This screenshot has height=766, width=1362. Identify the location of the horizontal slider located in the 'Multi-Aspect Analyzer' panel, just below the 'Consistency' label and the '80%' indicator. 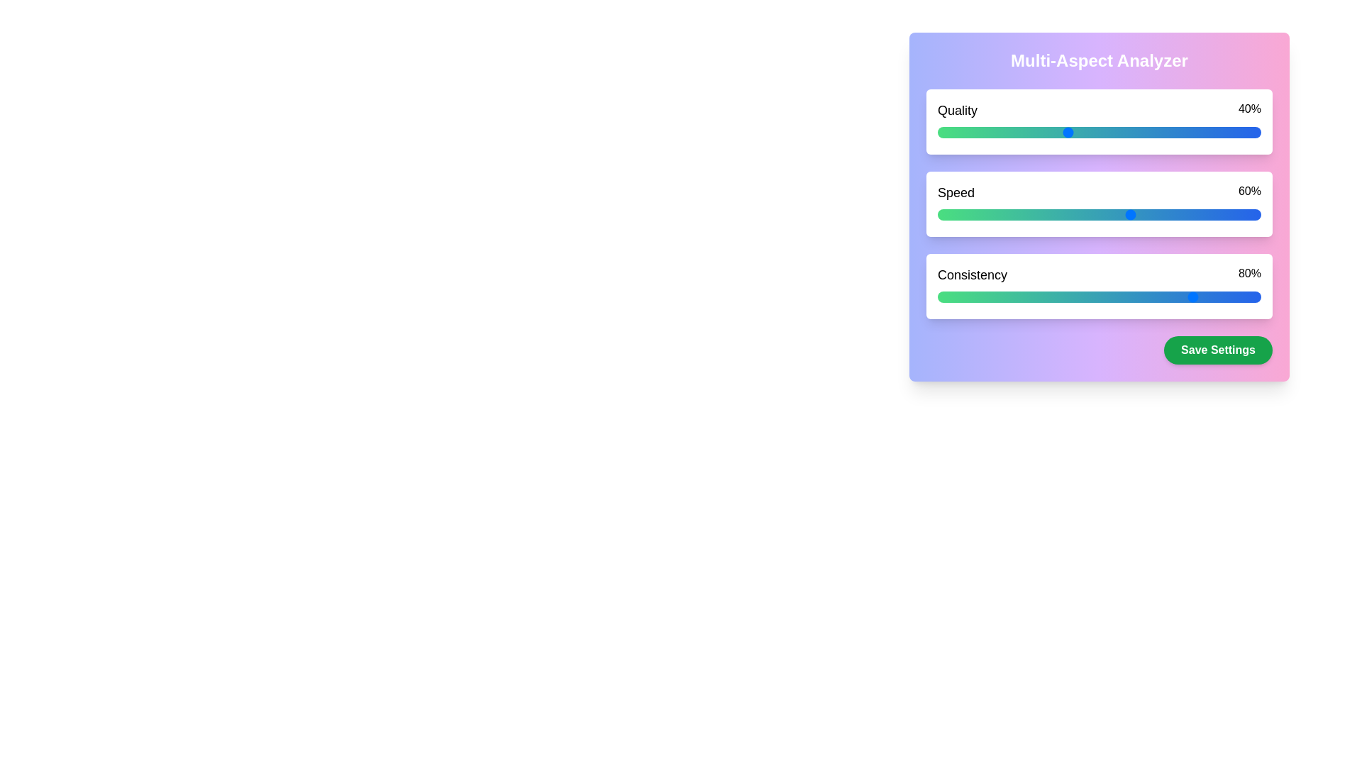
(1099, 296).